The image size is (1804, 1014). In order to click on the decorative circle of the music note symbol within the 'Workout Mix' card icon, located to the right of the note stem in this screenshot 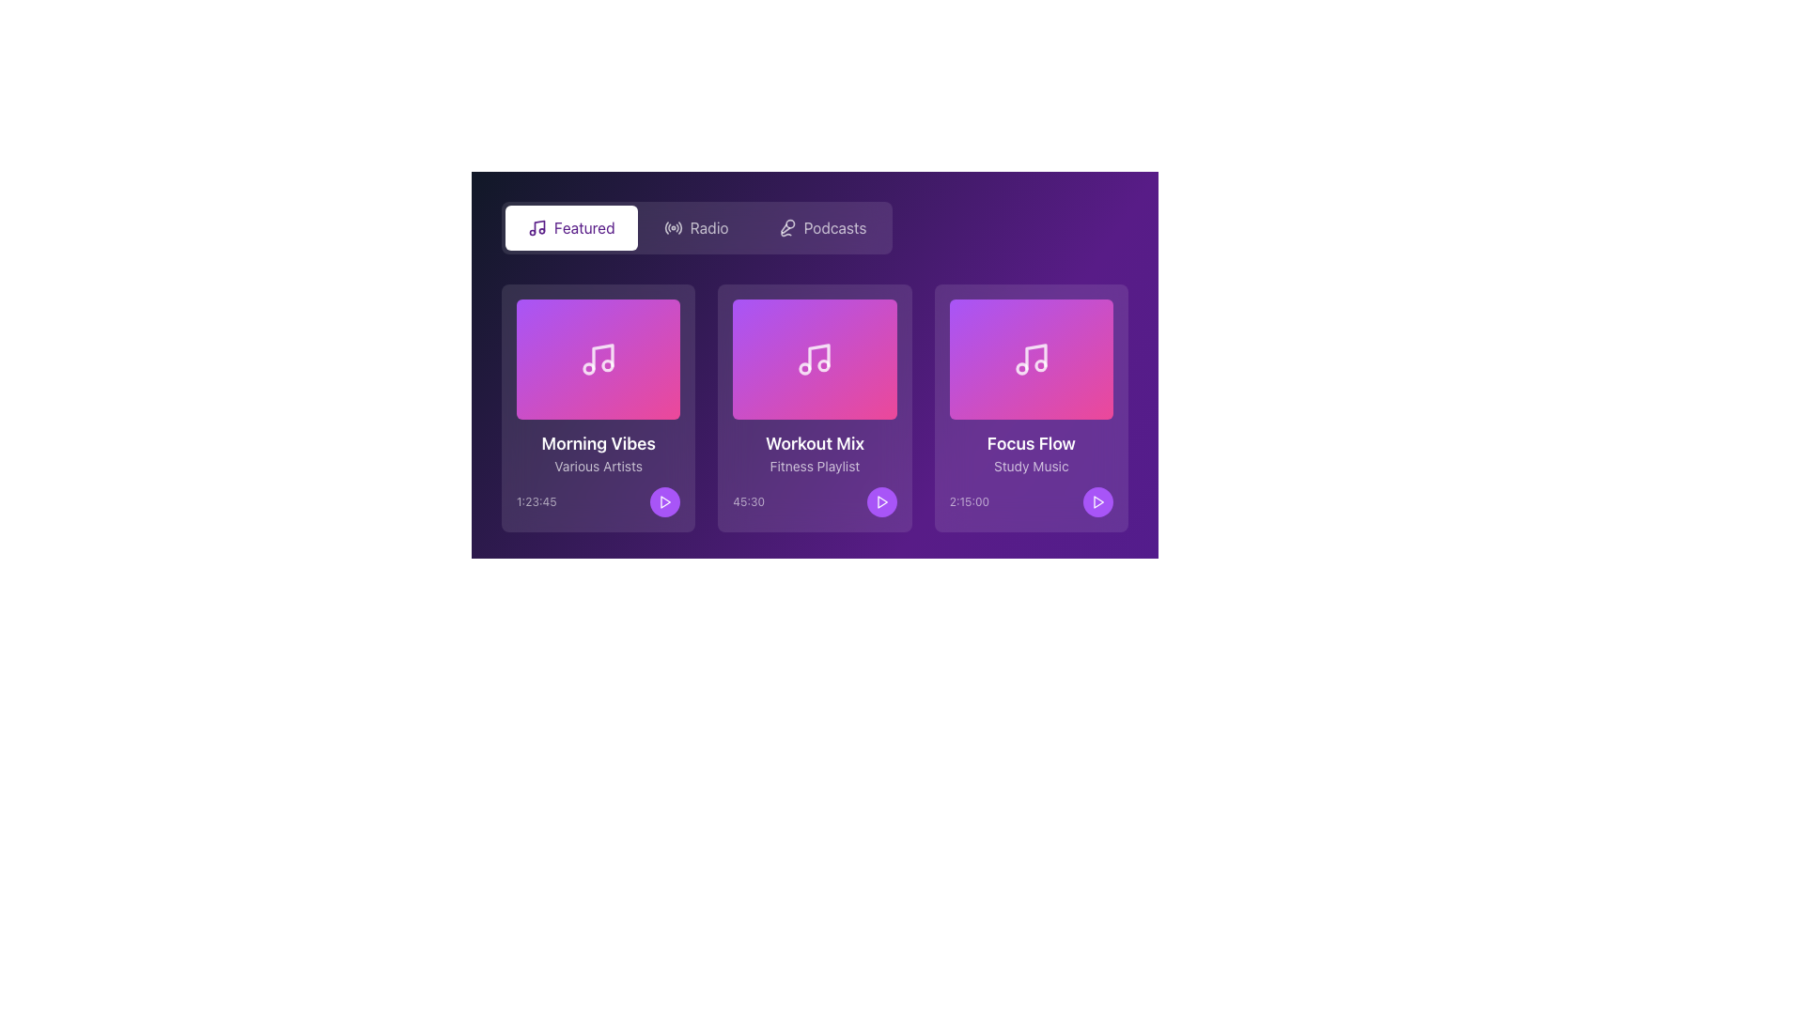, I will do `click(824, 365)`.